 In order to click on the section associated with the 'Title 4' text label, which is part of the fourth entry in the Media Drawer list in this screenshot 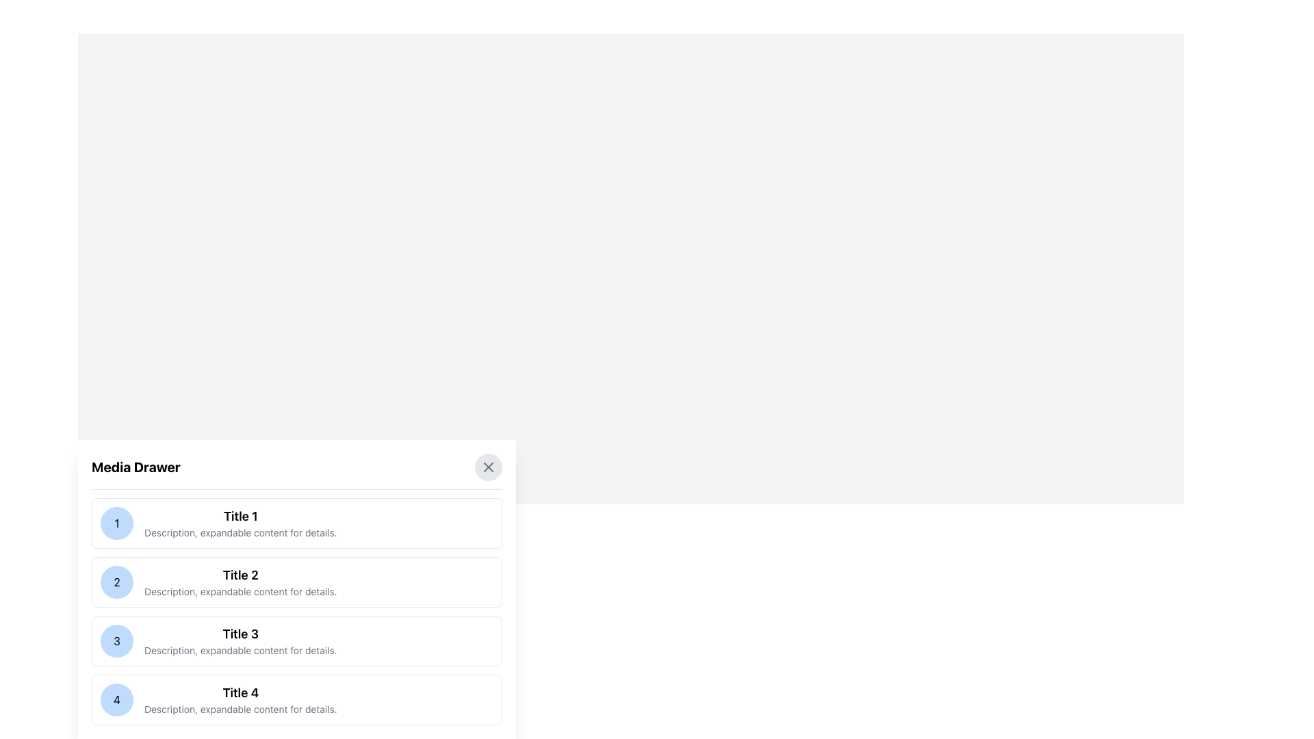, I will do `click(240, 693)`.